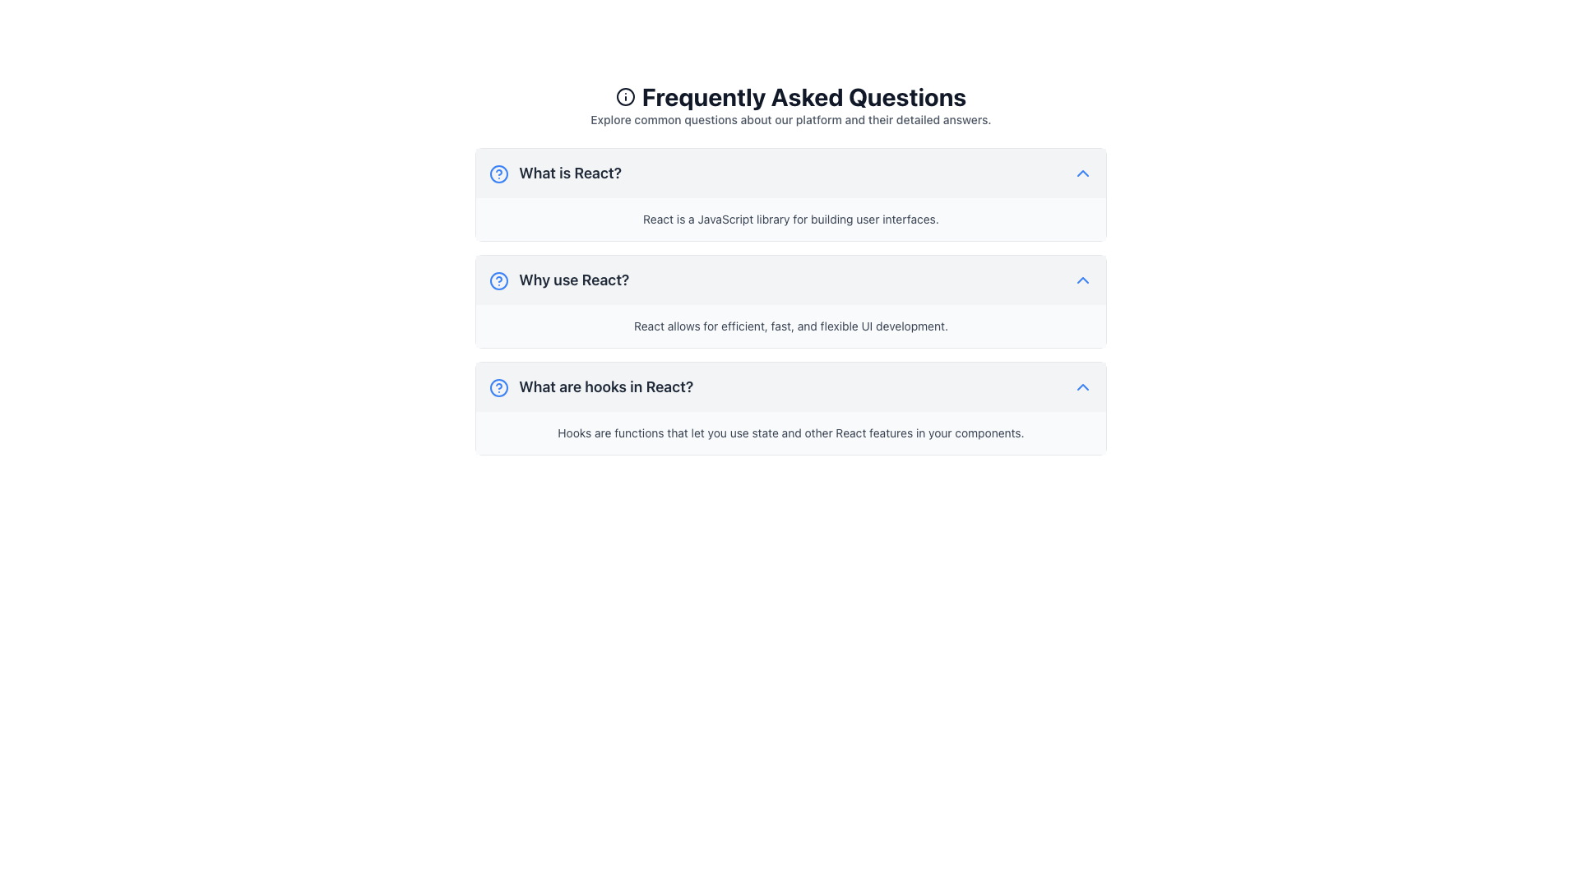  I want to click on the information icon, which is a small circular icon with a black stroke, located to the left of the 'Frequently Asked Questions' text in the heading section, so click(624, 97).